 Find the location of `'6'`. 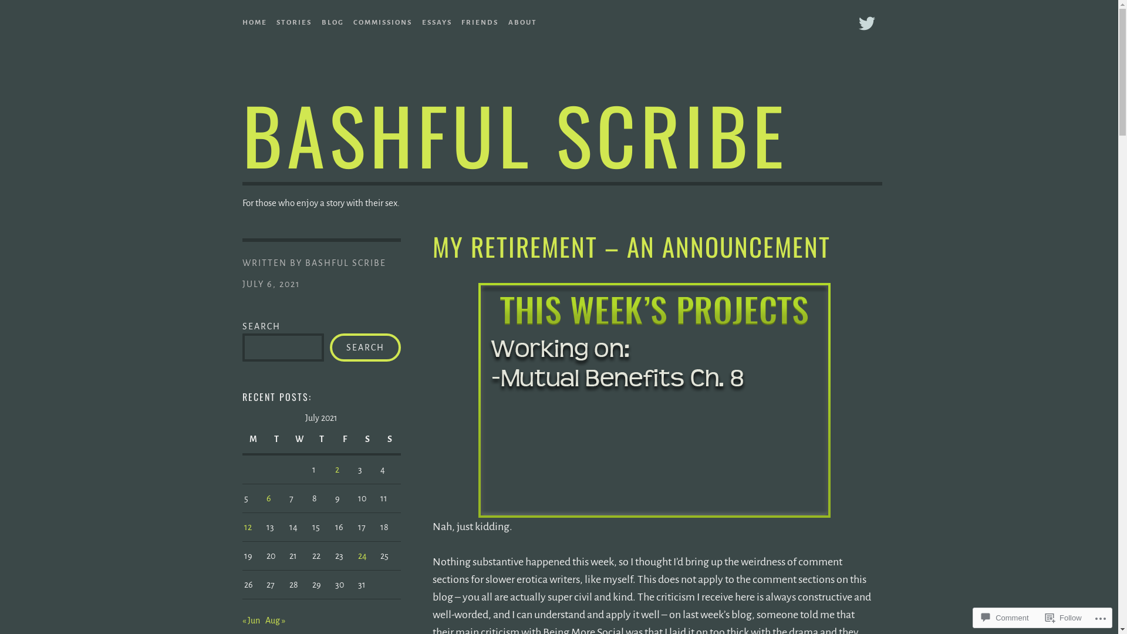

'6' is located at coordinates (268, 498).